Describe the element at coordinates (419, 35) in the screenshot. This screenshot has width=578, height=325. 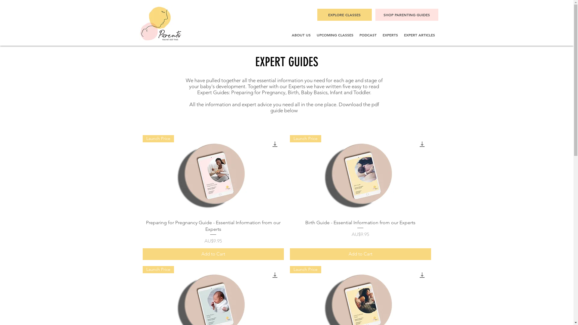
I see `'EXPERT ARTICLES'` at that location.